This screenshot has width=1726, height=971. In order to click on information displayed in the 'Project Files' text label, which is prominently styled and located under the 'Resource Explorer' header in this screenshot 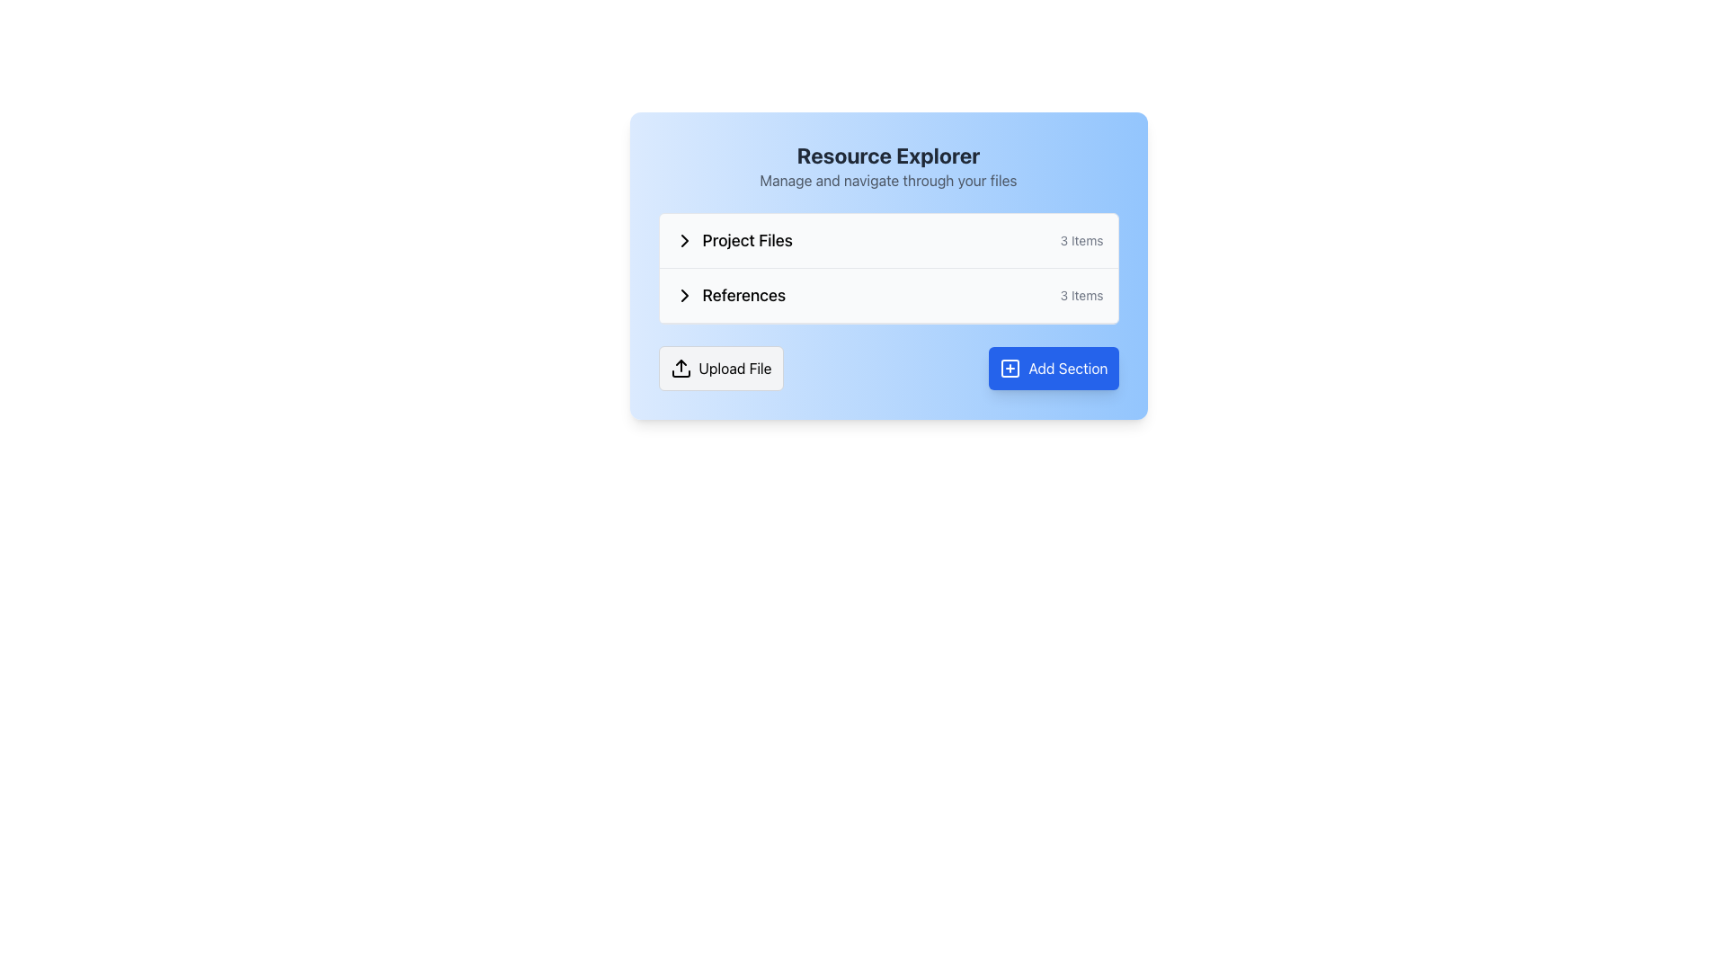, I will do `click(747, 239)`.